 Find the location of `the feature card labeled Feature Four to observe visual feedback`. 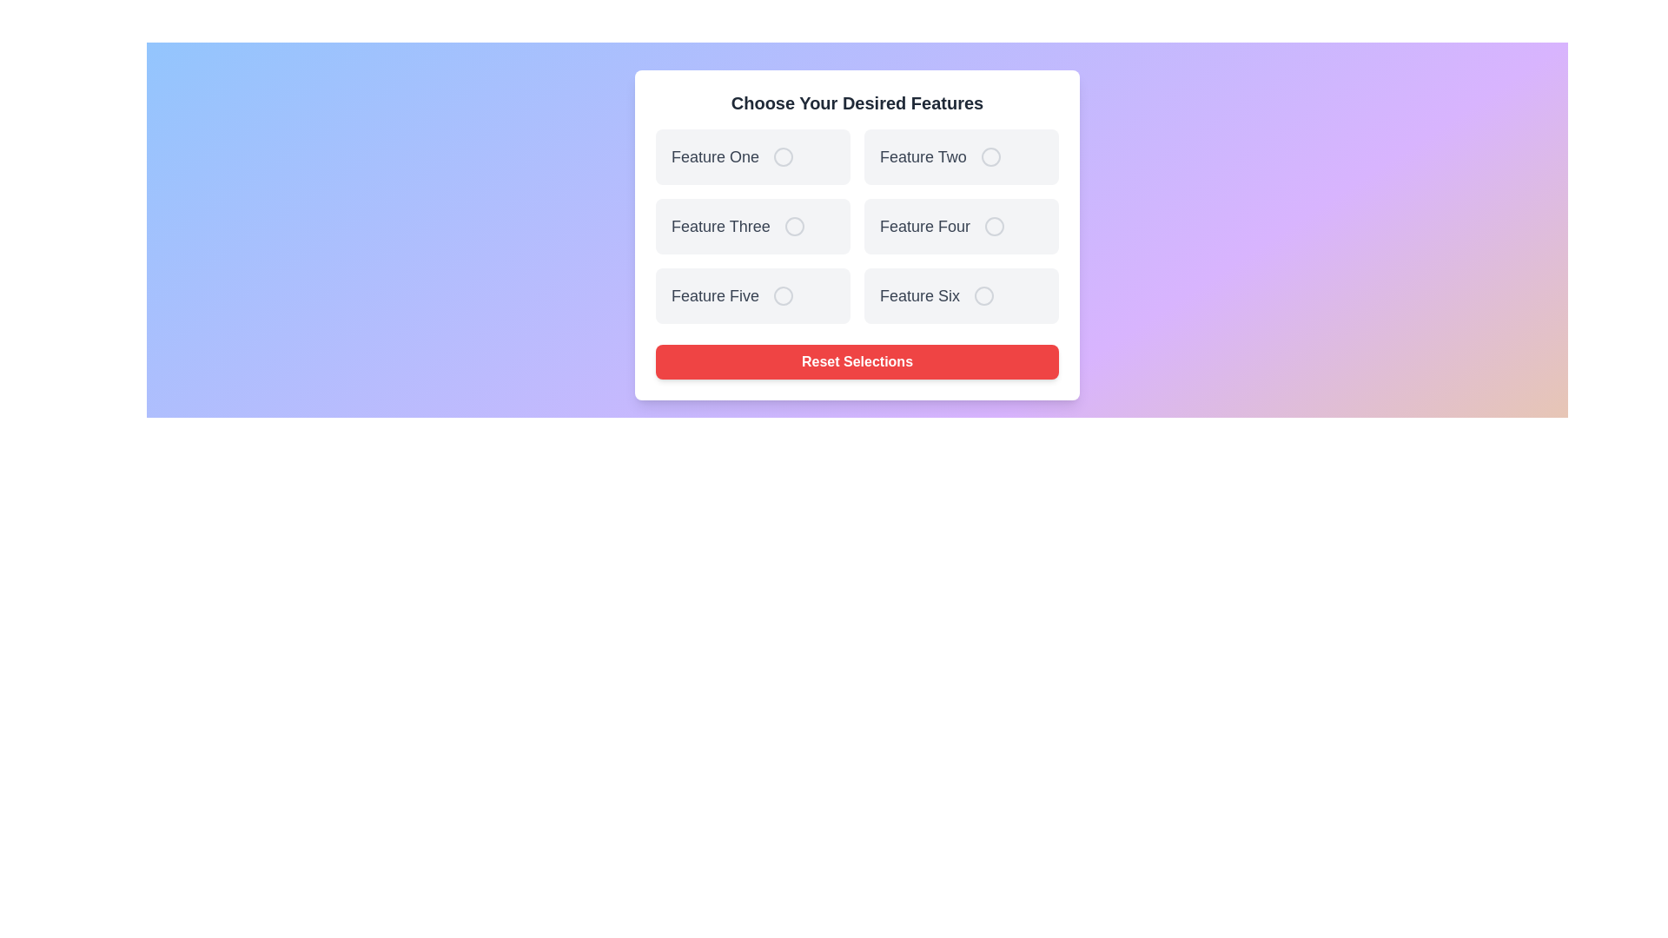

the feature card labeled Feature Four to observe visual feedback is located at coordinates (961, 226).